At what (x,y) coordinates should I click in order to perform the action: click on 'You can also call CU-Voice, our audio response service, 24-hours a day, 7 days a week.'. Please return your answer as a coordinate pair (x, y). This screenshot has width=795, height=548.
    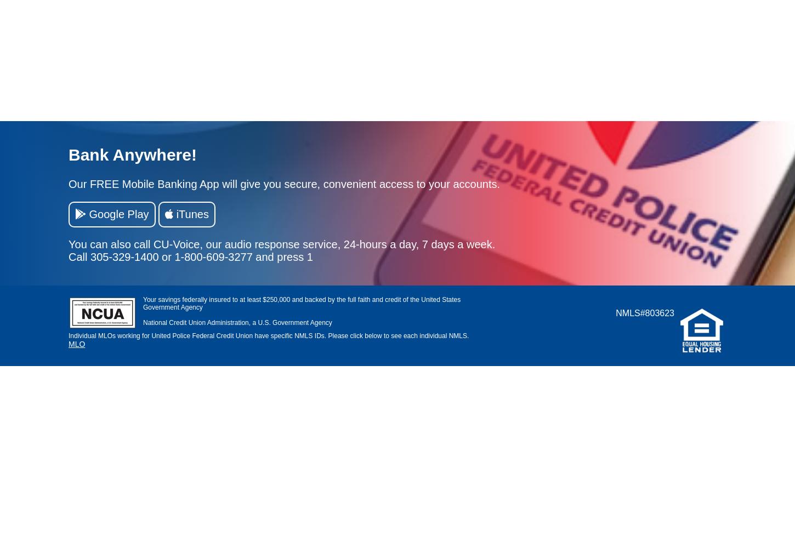
    Looking at the image, I should click on (282, 243).